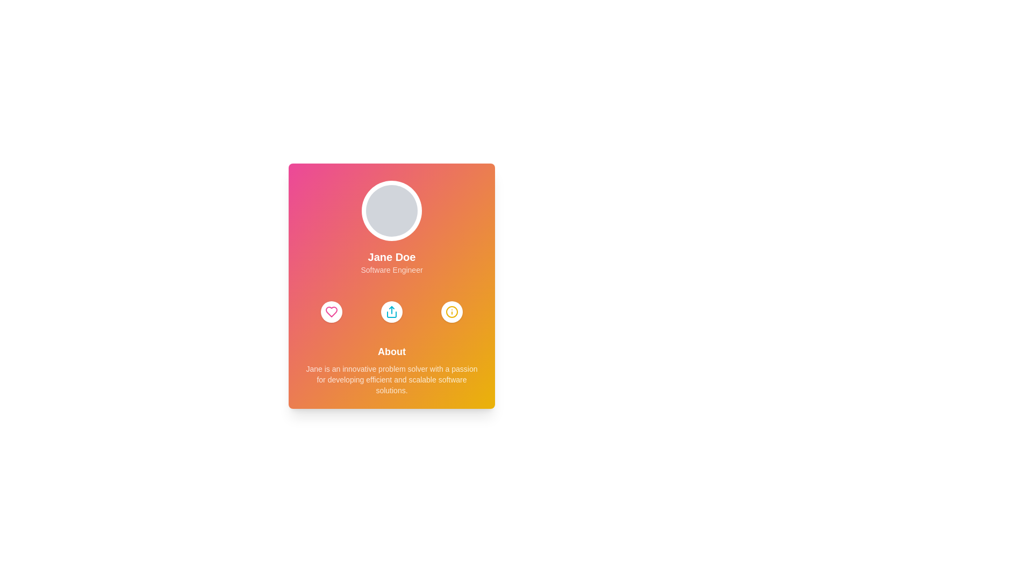 The height and width of the screenshot is (581, 1032). I want to click on the graphic placeholder that represents a profile image, located centrally within a larger white circular shape at the top center of the card layout, so click(391, 211).